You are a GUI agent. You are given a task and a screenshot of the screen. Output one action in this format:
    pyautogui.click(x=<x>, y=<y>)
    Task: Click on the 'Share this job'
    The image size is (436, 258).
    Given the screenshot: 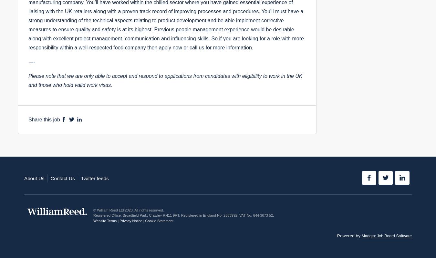 What is the action you would take?
    pyautogui.click(x=44, y=119)
    